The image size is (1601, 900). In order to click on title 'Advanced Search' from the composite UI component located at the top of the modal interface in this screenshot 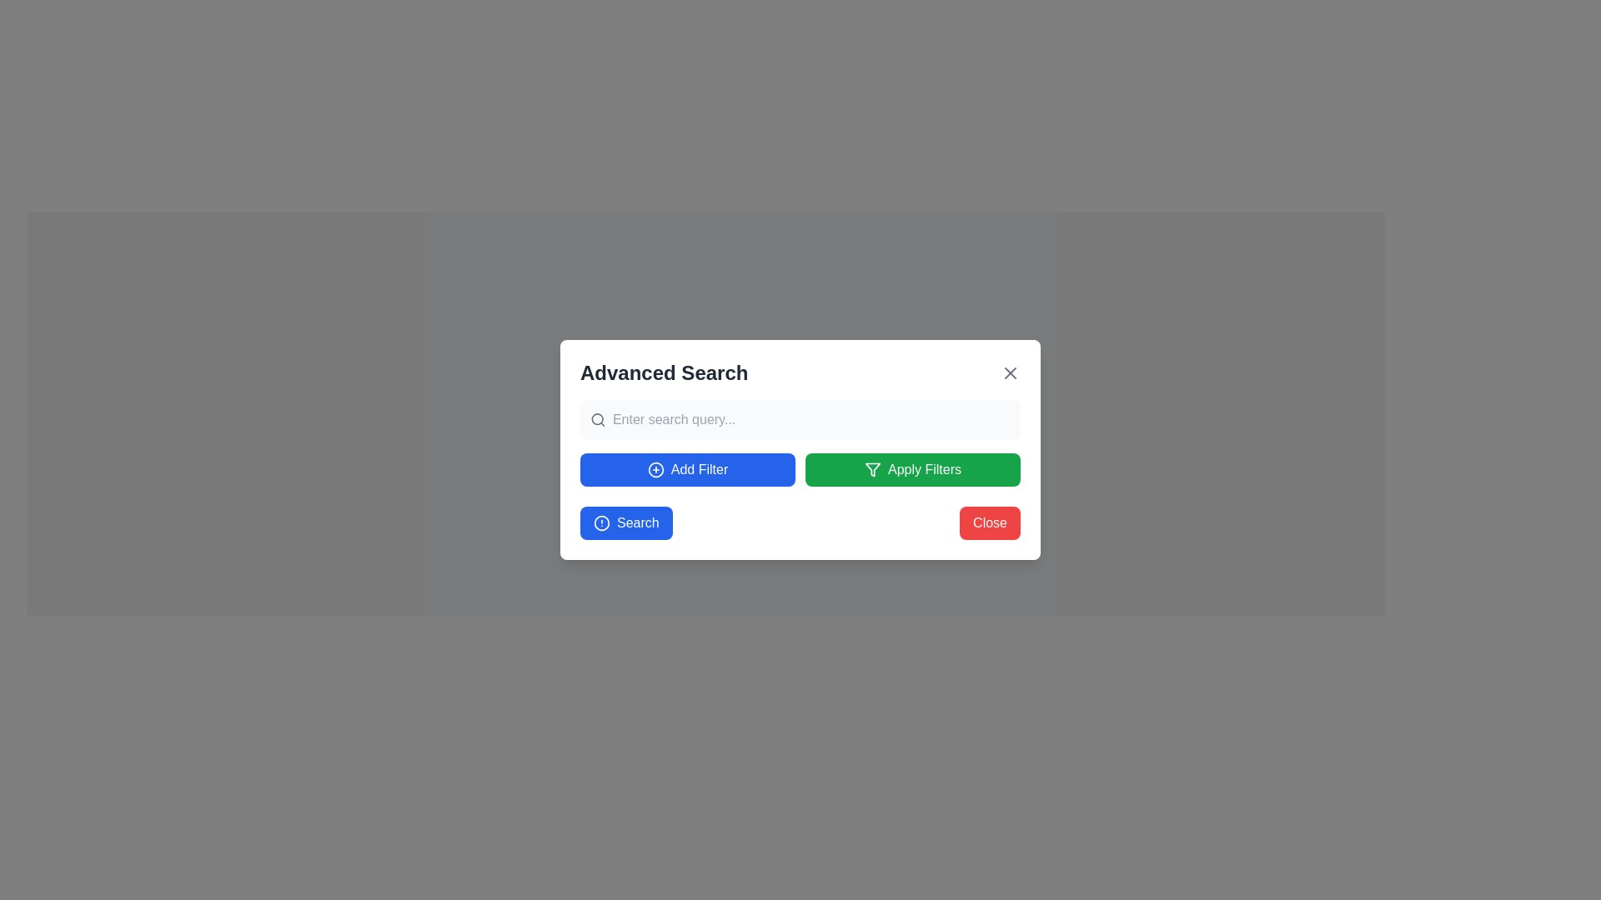, I will do `click(800, 372)`.